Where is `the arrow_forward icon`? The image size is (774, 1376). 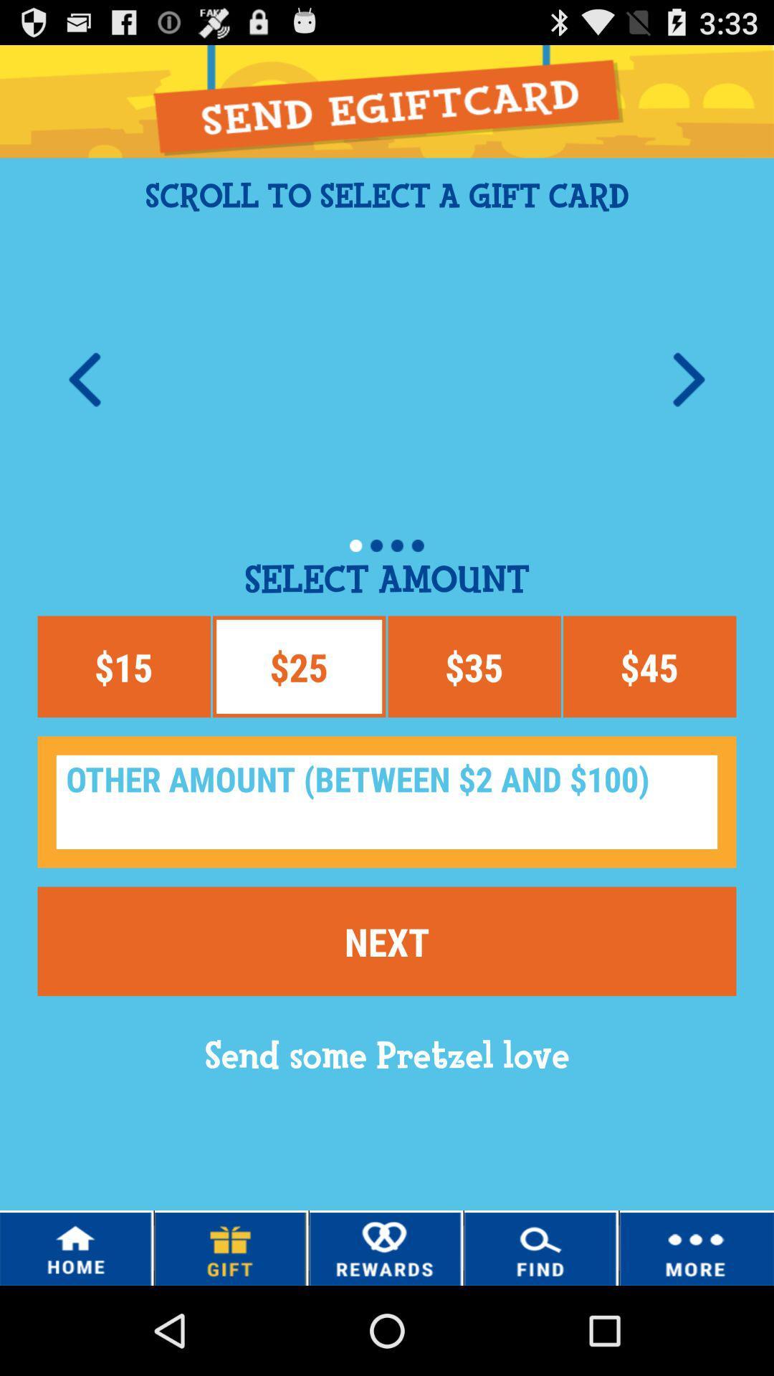
the arrow_forward icon is located at coordinates (688, 405).